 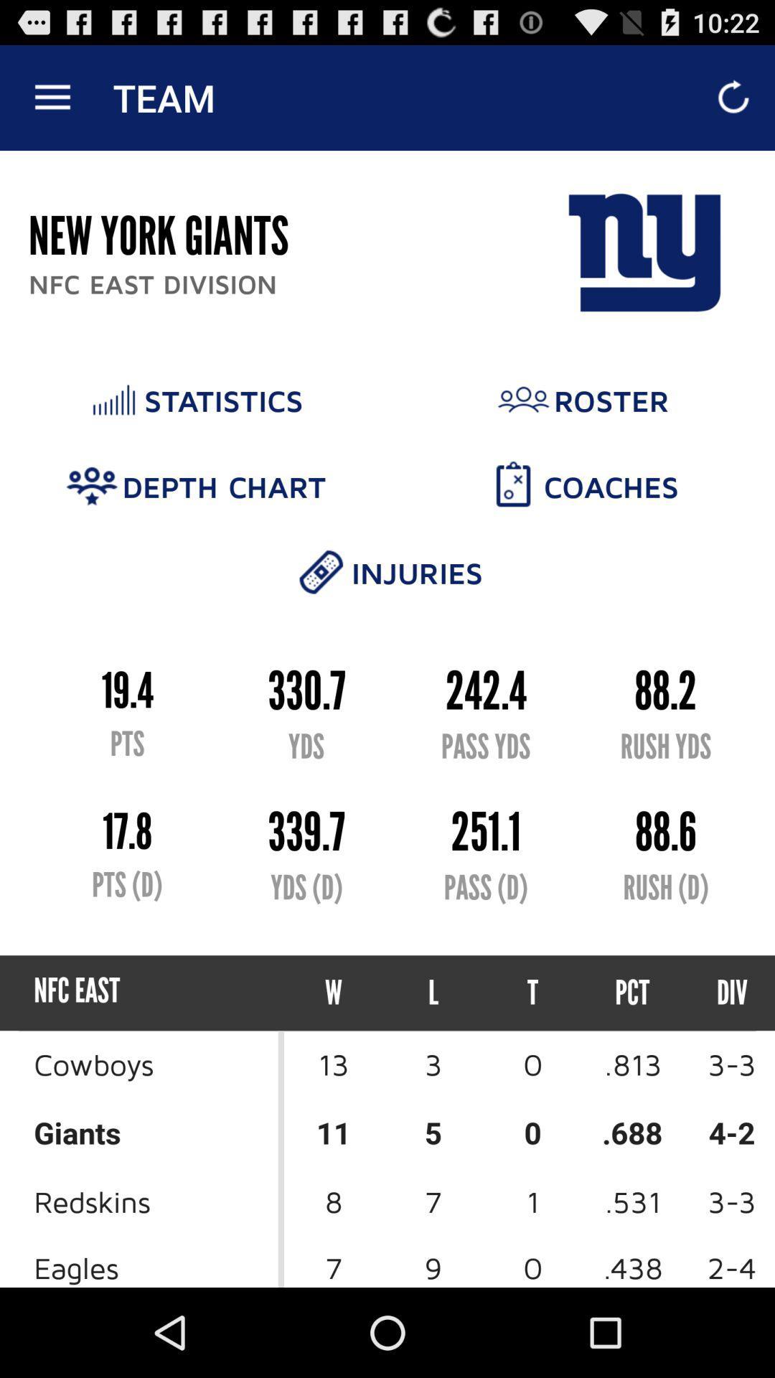 I want to click on item above 0, so click(x=631, y=992).